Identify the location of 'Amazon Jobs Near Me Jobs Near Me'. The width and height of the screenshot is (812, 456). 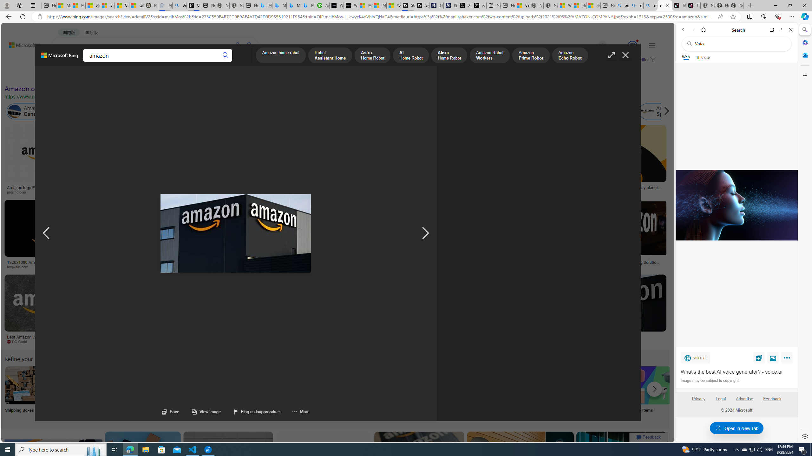
(191, 393).